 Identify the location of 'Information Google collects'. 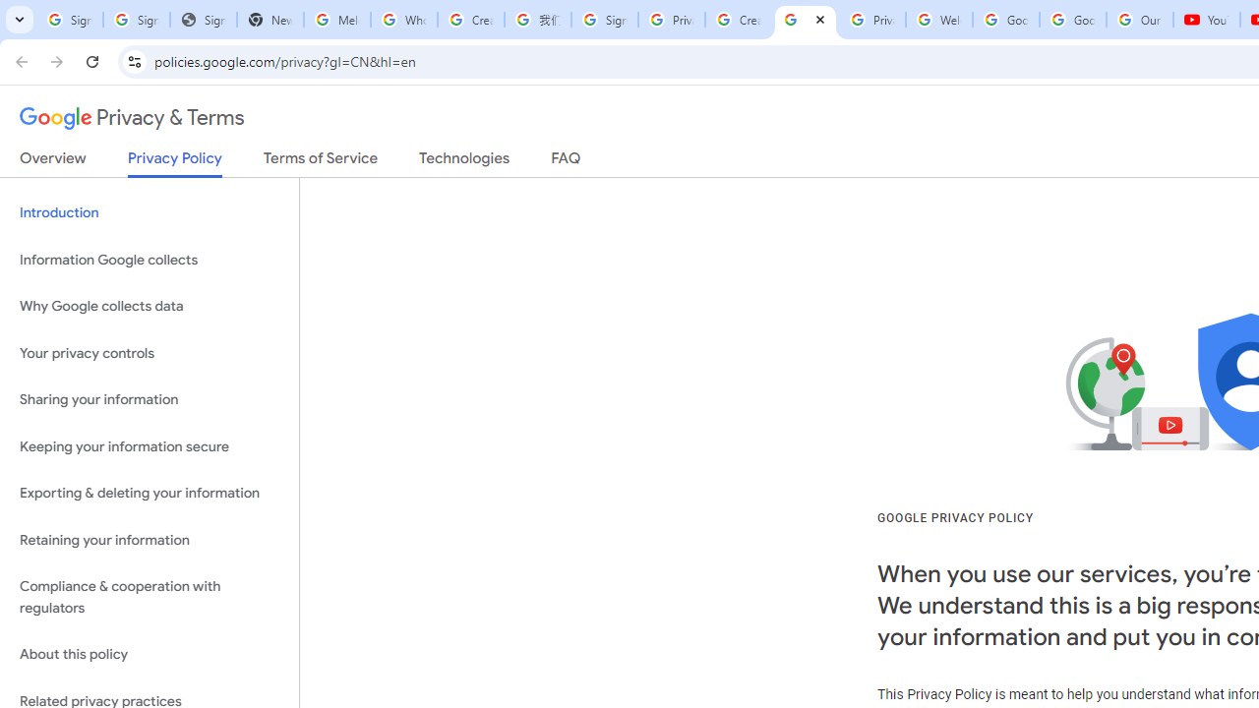
(149, 259).